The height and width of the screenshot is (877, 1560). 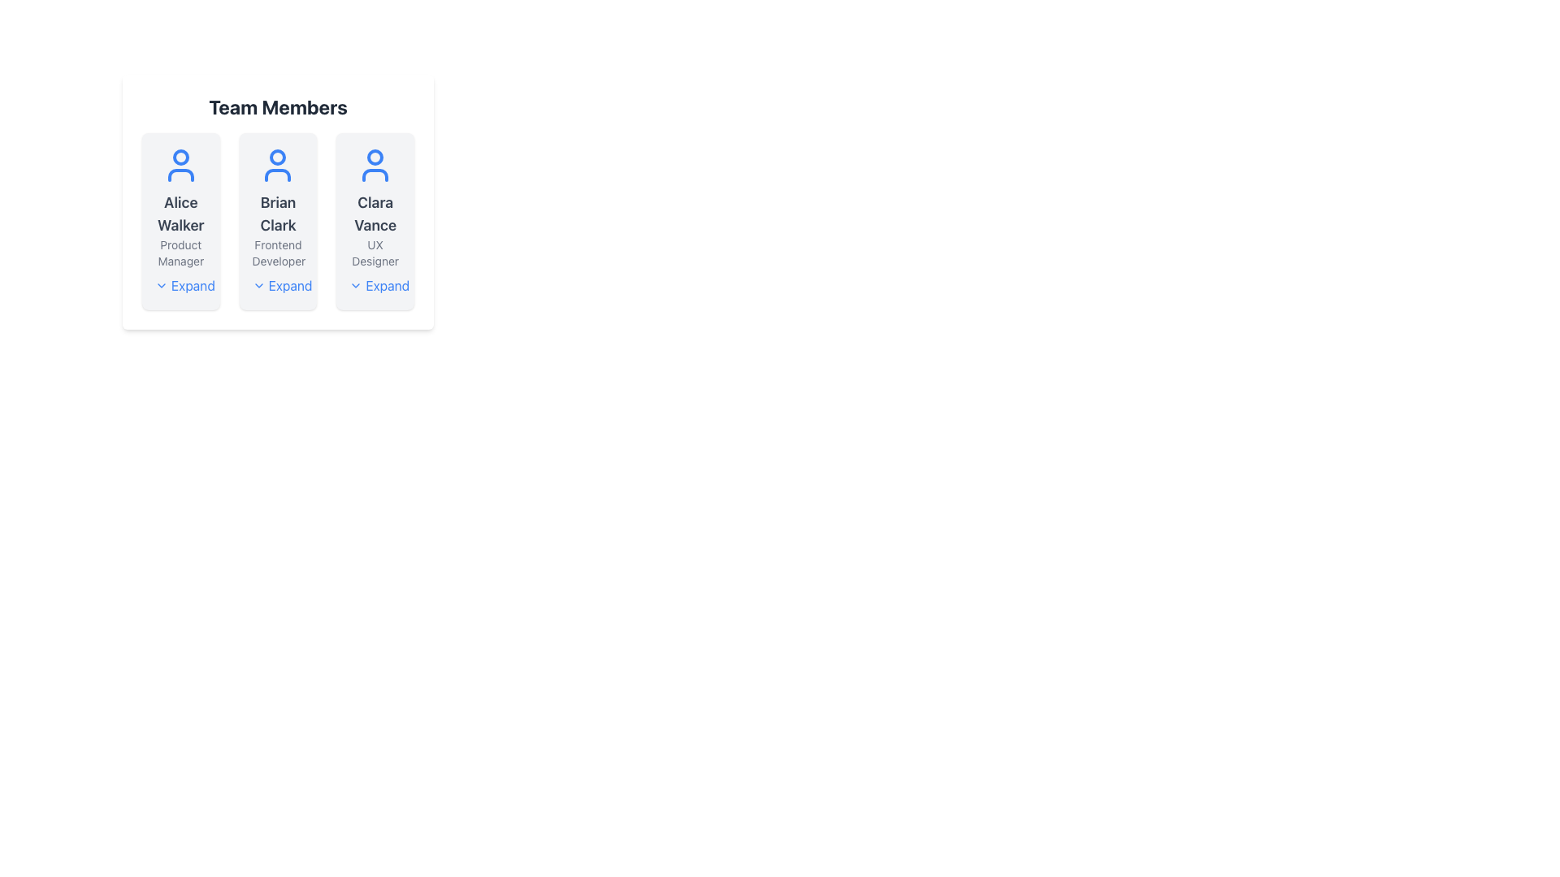 I want to click on heading text located at the top-center of the interface, which provides context for the team members' information, so click(x=278, y=106).